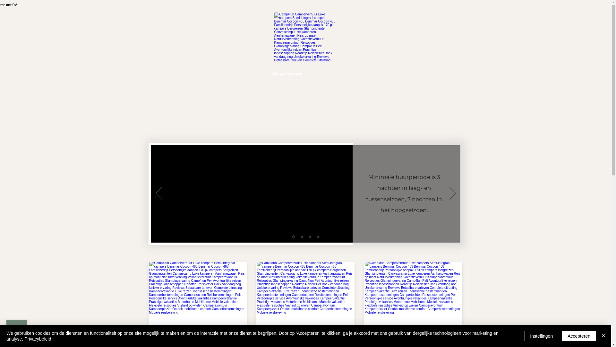 The image size is (616, 347). Describe the element at coordinates (525, 335) in the screenshot. I see `'Instellingen'` at that location.